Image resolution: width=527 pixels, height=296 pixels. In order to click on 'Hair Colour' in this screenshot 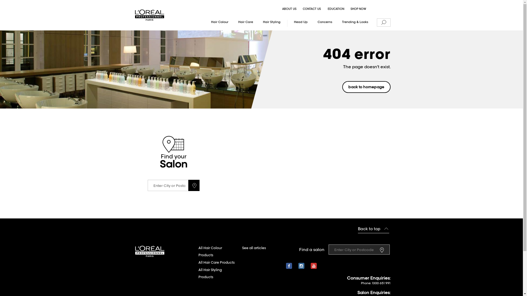, I will do `click(206, 23)`.